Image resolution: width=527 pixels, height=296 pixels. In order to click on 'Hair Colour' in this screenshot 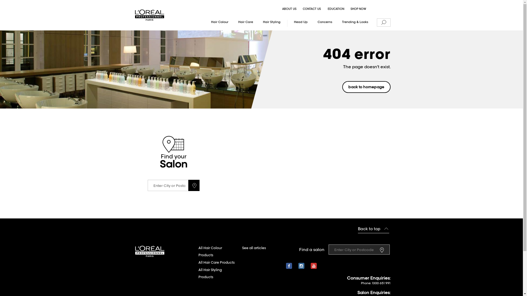, I will do `click(206, 23)`.